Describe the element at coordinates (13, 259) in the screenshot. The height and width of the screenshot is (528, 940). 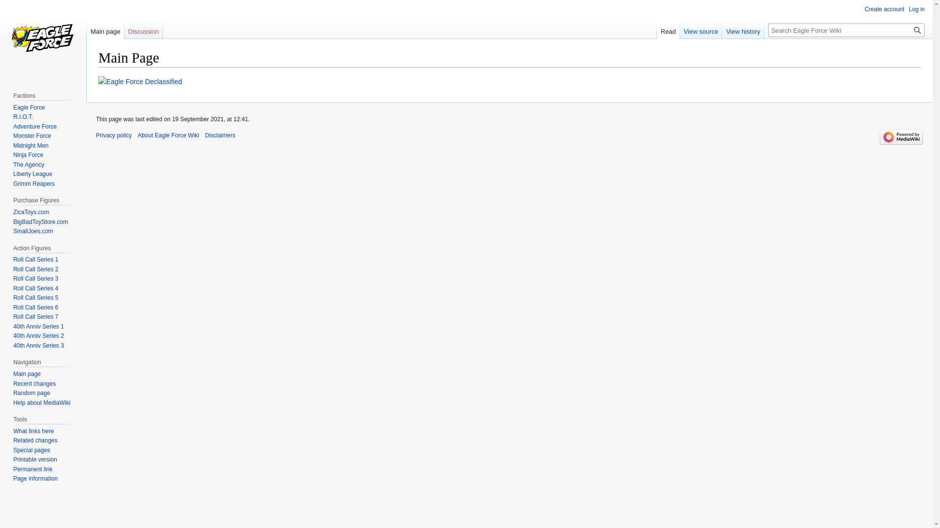
I see `'Roll Call Series 1'` at that location.